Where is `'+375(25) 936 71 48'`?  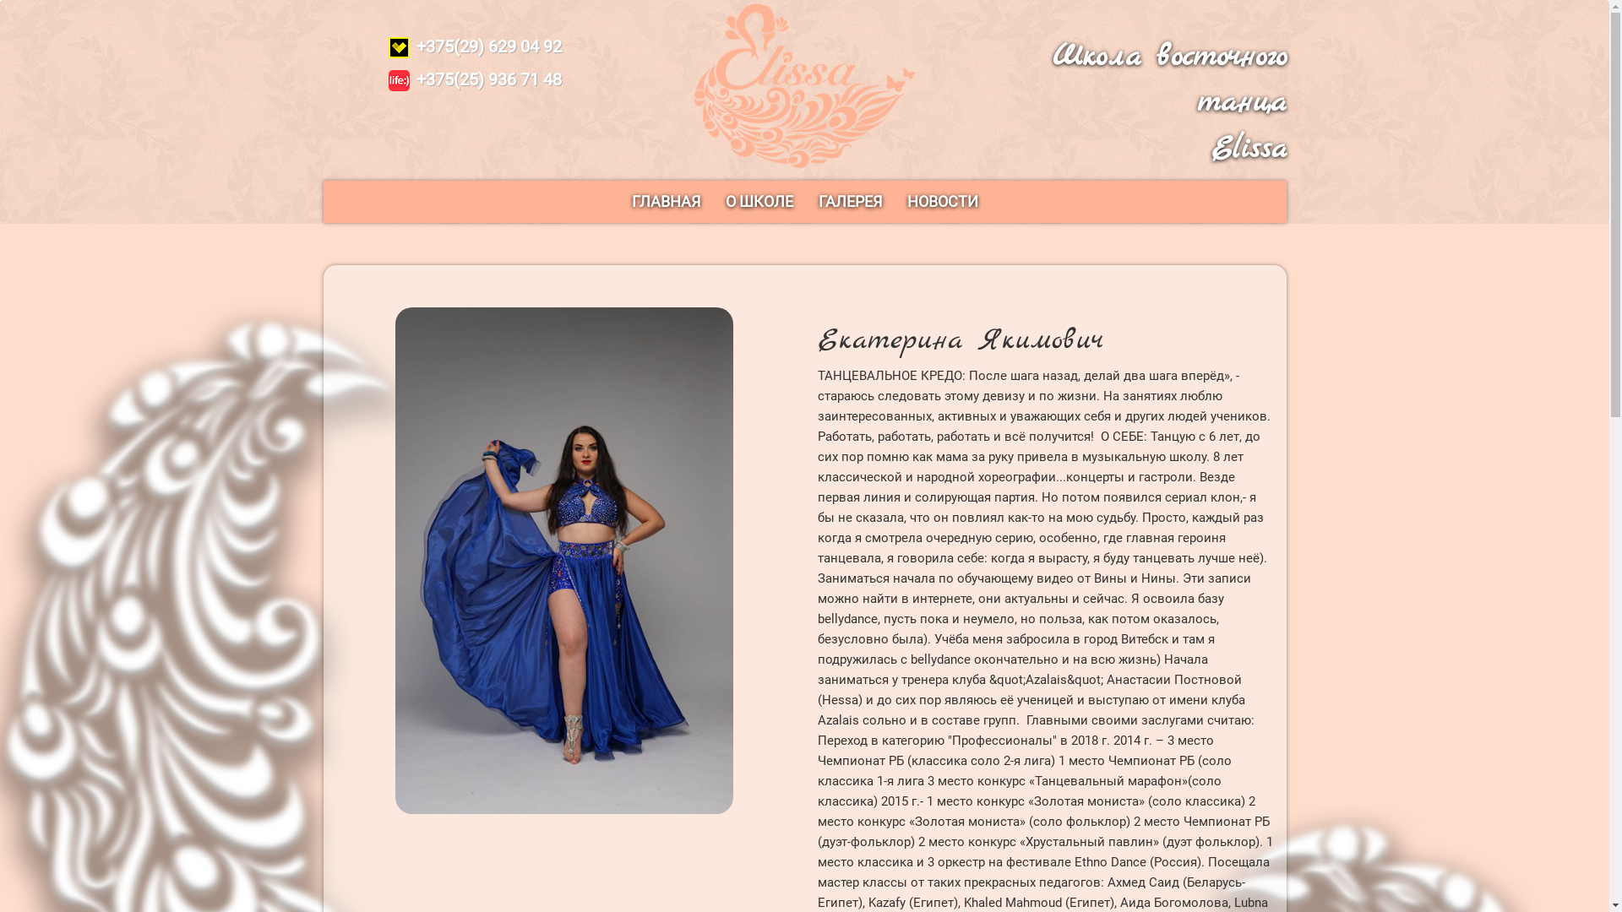 '+375(25) 936 71 48' is located at coordinates (474, 79).